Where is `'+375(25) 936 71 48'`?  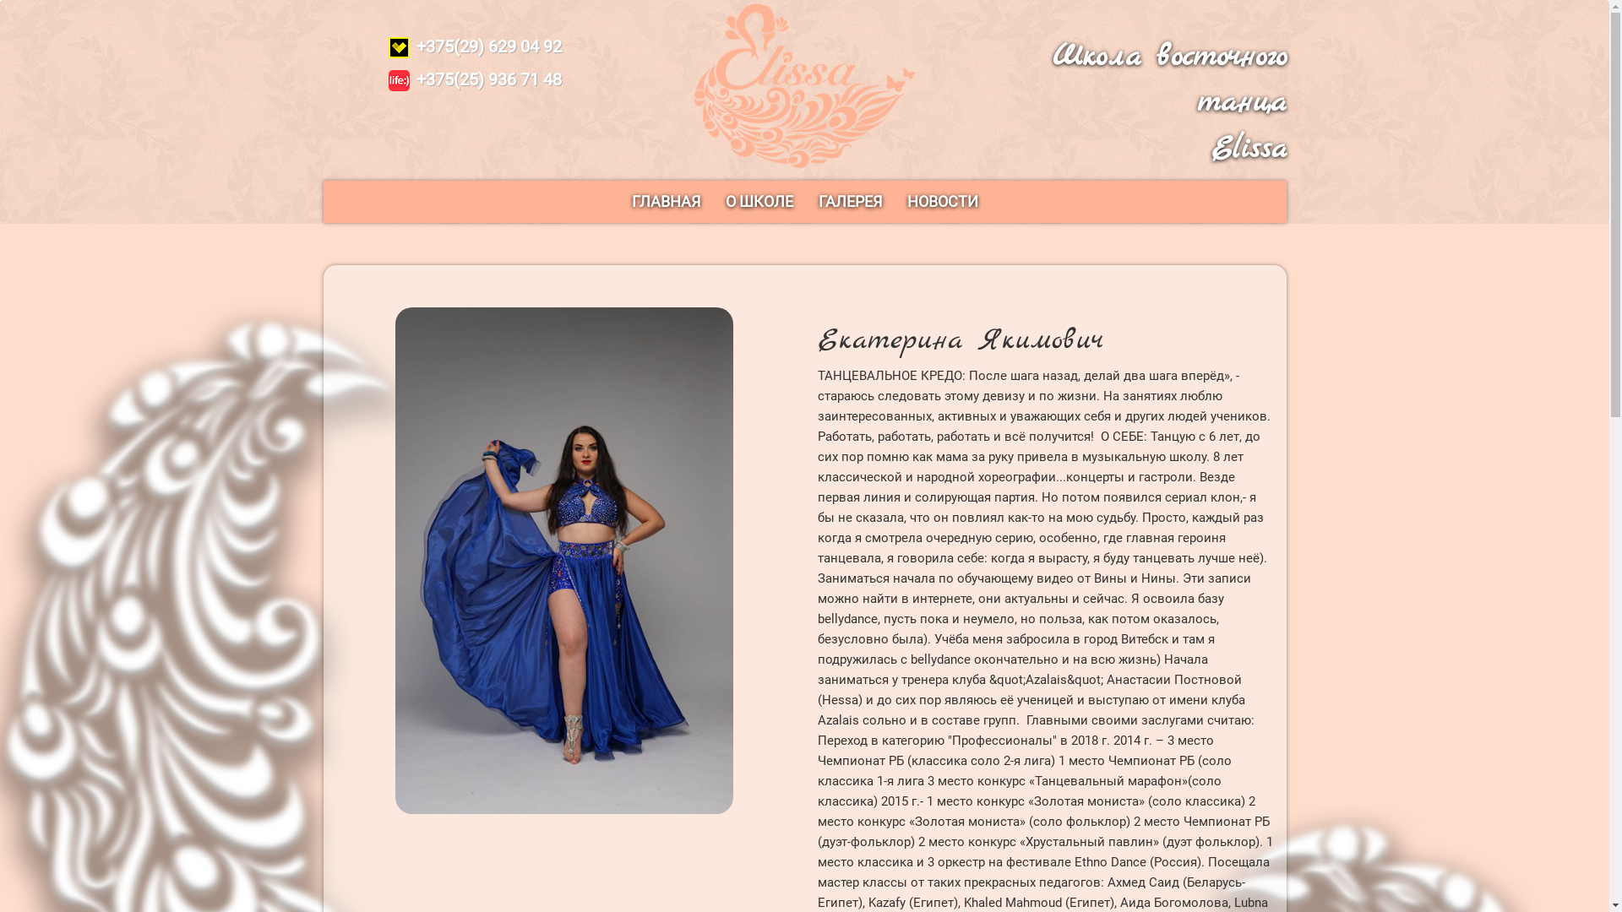 '+375(25) 936 71 48' is located at coordinates (474, 79).